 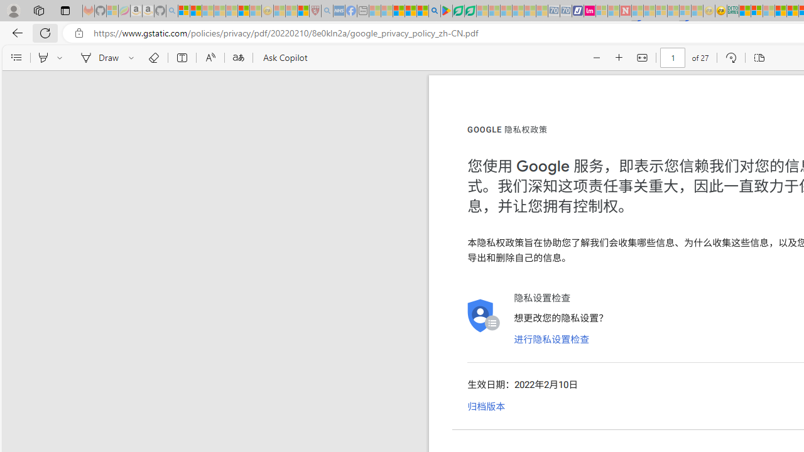 What do you see at coordinates (61, 58) in the screenshot?
I see `'Select a highlight color'` at bounding box center [61, 58].